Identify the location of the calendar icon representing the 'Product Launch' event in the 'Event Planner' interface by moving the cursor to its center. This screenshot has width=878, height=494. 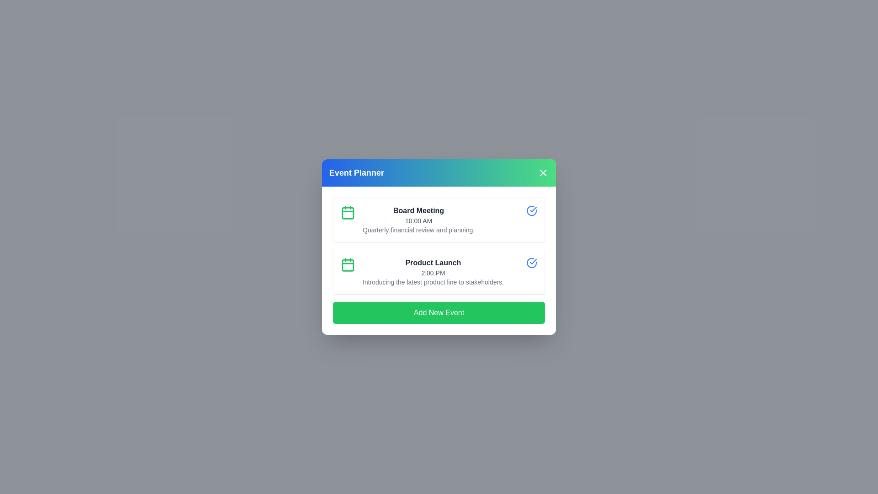
(348, 264).